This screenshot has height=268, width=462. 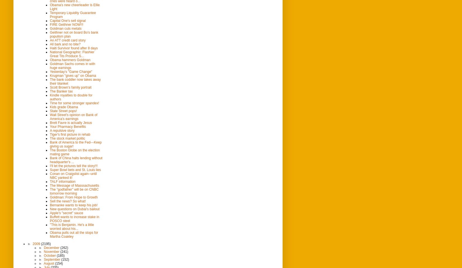 What do you see at coordinates (50, 201) in the screenshot?
I see `'Sell the news? So what!'` at bounding box center [50, 201].